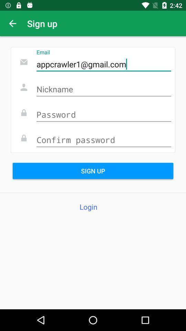 Image resolution: width=186 pixels, height=331 pixels. What do you see at coordinates (103, 115) in the screenshot?
I see `password` at bounding box center [103, 115].